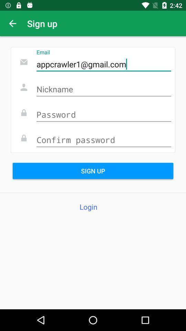 Image resolution: width=186 pixels, height=331 pixels. What do you see at coordinates (103, 115) in the screenshot?
I see `password` at bounding box center [103, 115].